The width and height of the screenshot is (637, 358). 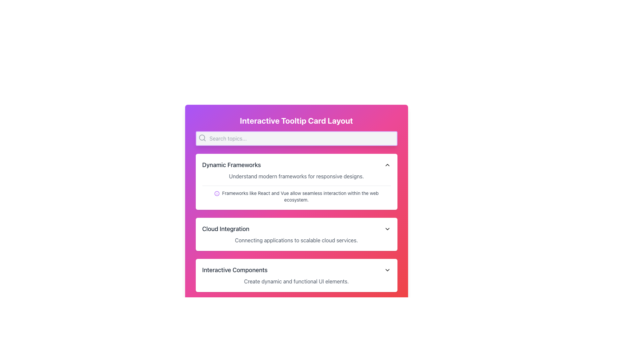 What do you see at coordinates (235, 270) in the screenshot?
I see `the Text Label in the 'Interactive Components' section, which is the leftmost item before the downward-facing chevron icon` at bounding box center [235, 270].